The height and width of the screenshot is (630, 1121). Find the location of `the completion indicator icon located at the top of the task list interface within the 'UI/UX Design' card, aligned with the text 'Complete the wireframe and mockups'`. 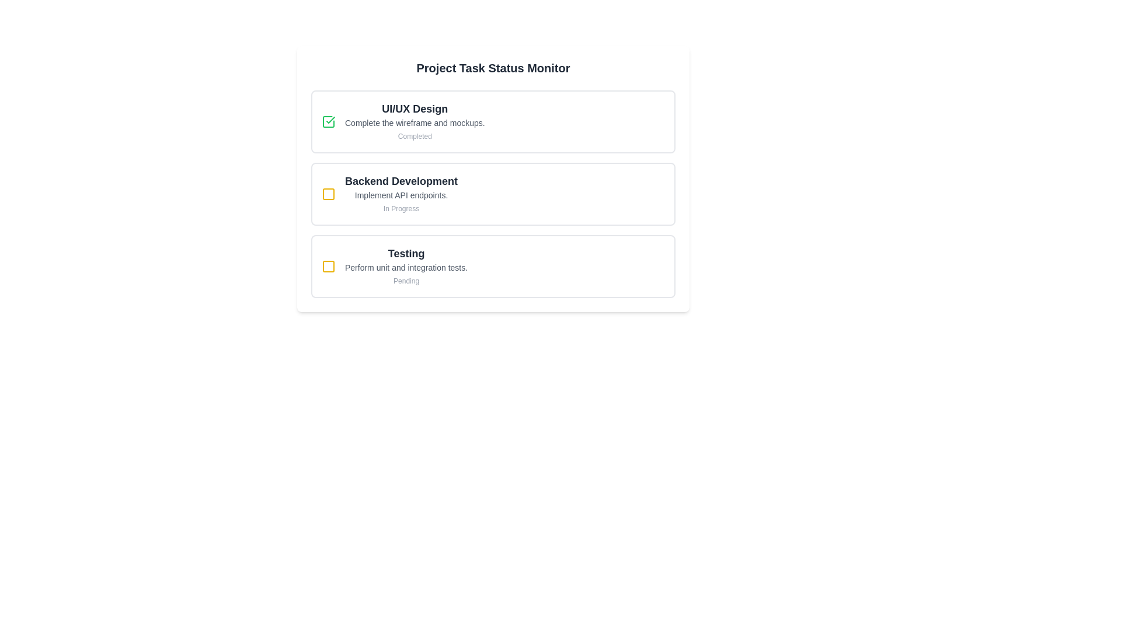

the completion indicator icon located at the top of the task list interface within the 'UI/UX Design' card, aligned with the text 'Complete the wireframe and mockups' is located at coordinates (333, 121).